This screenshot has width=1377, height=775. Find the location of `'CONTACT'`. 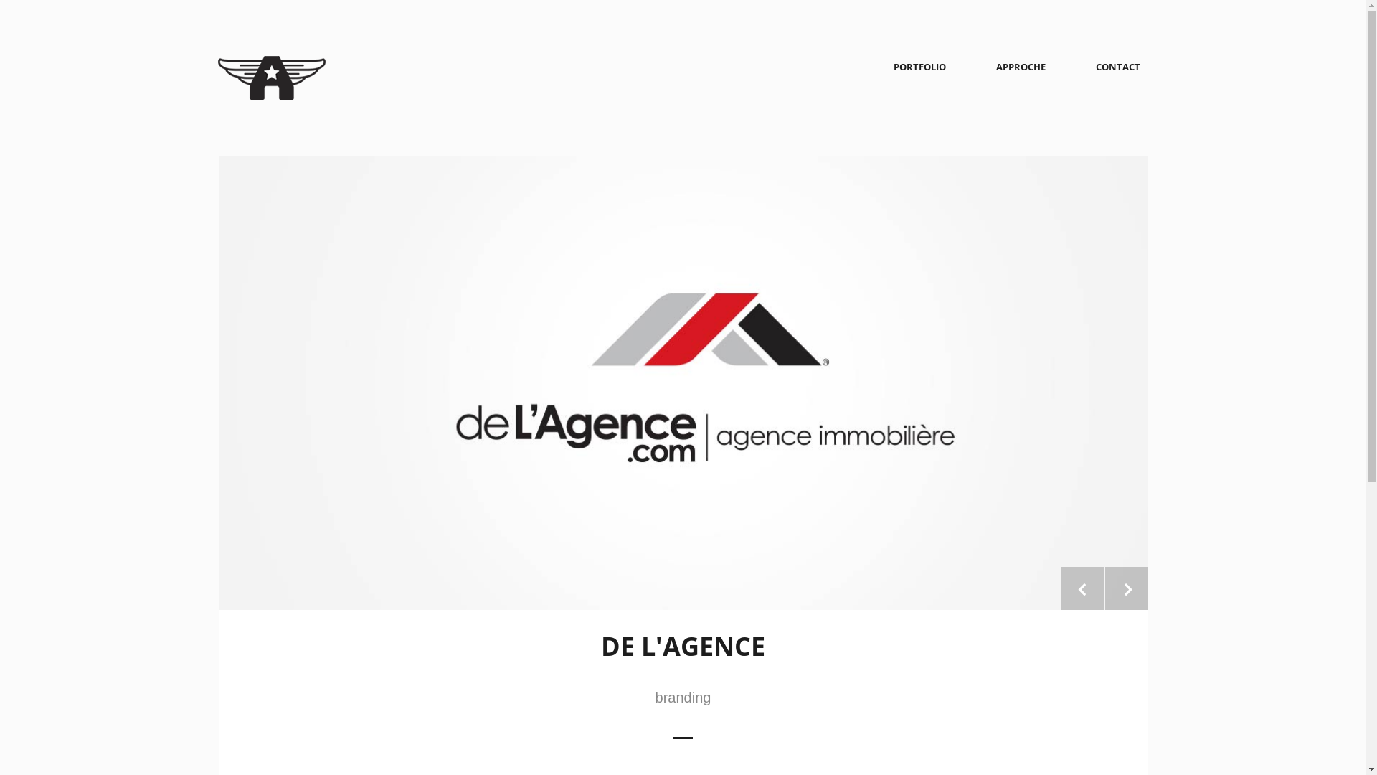

'CONTACT' is located at coordinates (1117, 67).